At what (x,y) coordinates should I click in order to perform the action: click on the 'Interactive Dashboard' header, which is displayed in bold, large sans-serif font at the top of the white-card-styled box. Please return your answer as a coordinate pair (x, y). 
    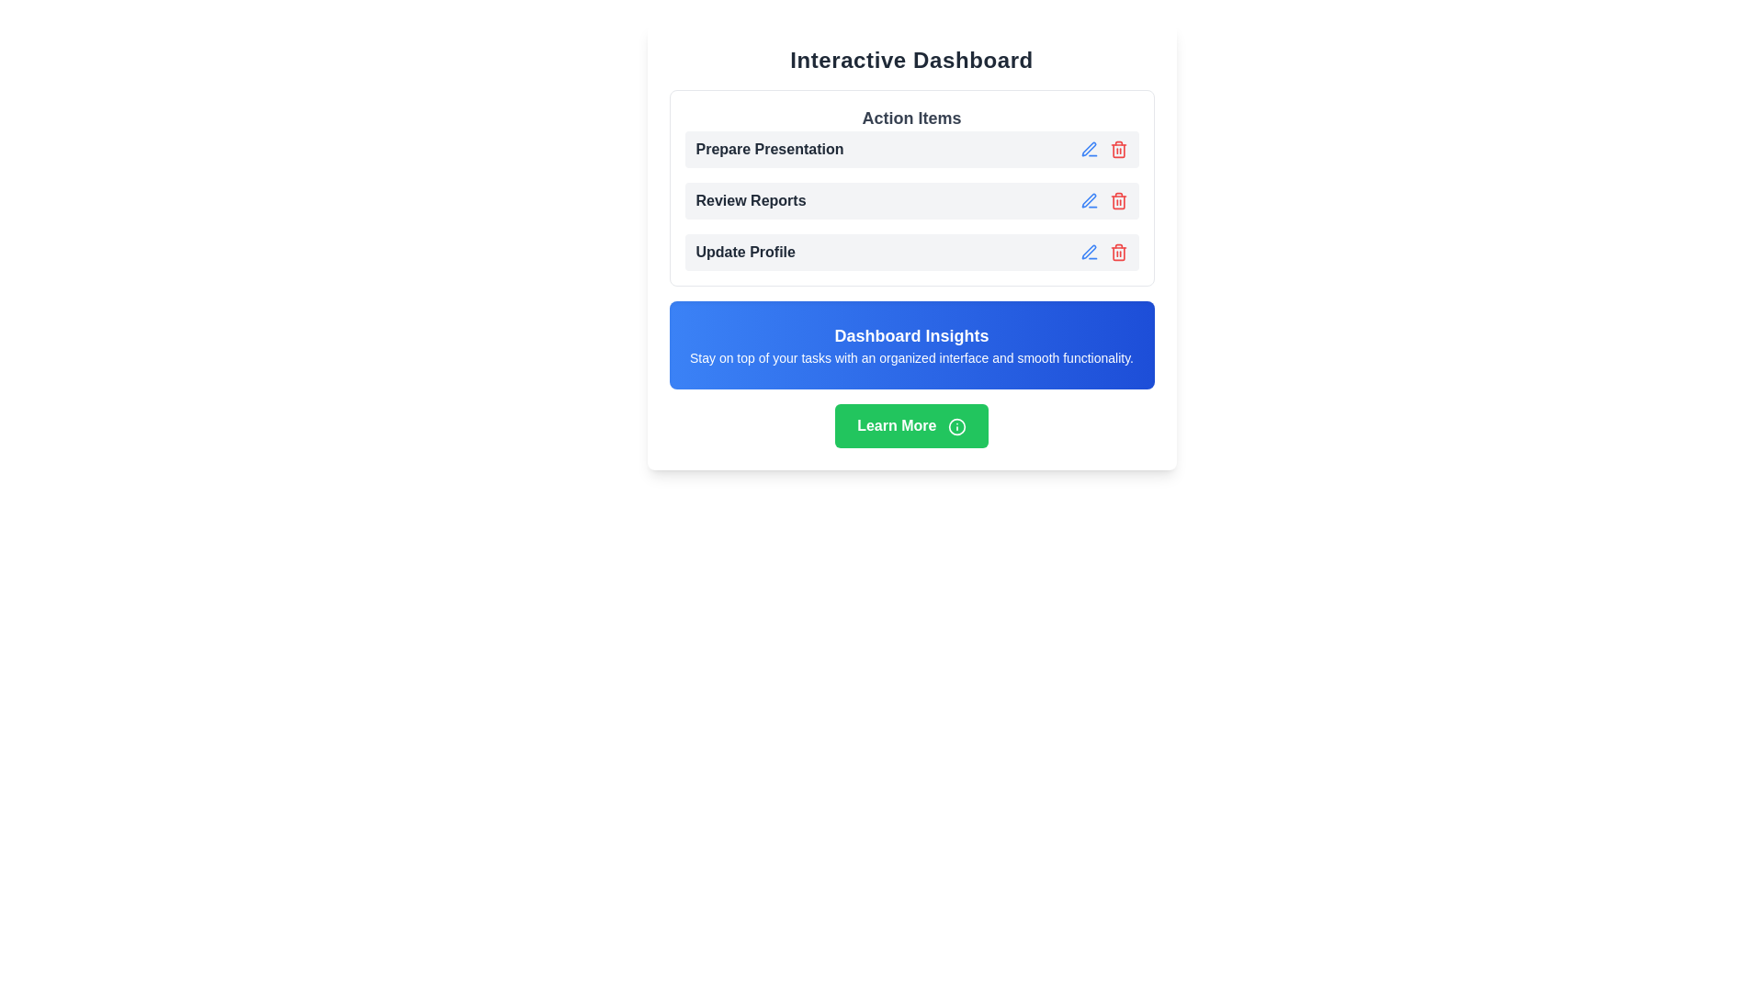
    Looking at the image, I should click on (911, 59).